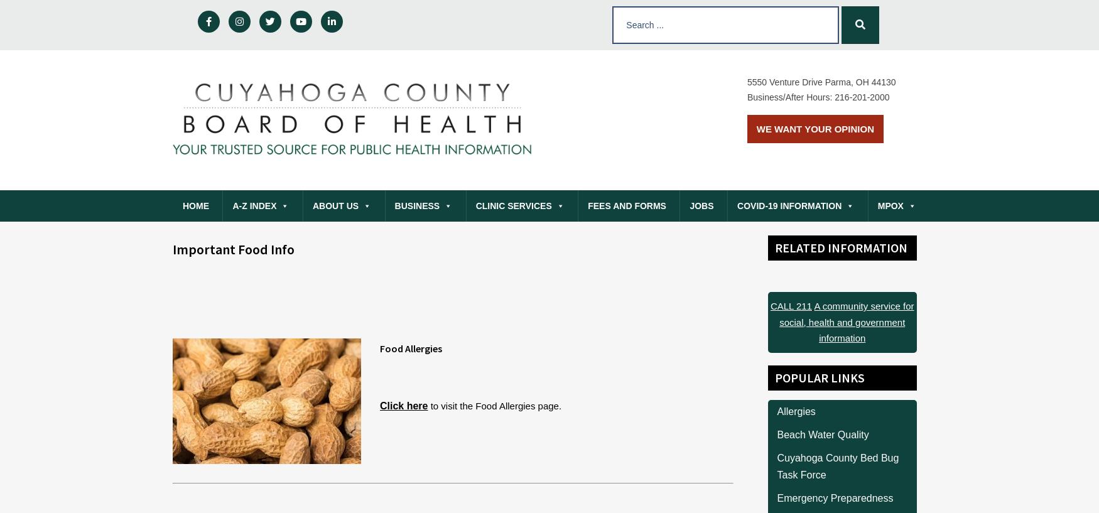 This screenshot has height=513, width=1099. Describe the element at coordinates (272, 235) in the screenshot. I see `'Submit a Complaint'` at that location.